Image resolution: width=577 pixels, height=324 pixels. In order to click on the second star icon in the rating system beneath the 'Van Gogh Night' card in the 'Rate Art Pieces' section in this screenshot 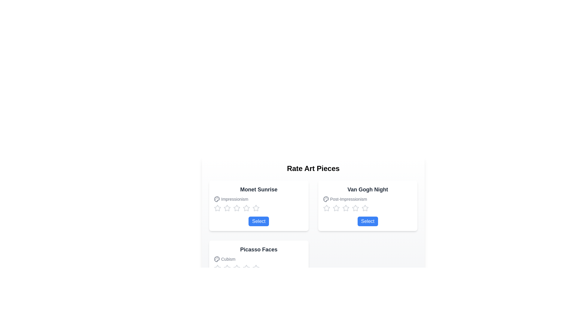, I will do `click(346, 208)`.